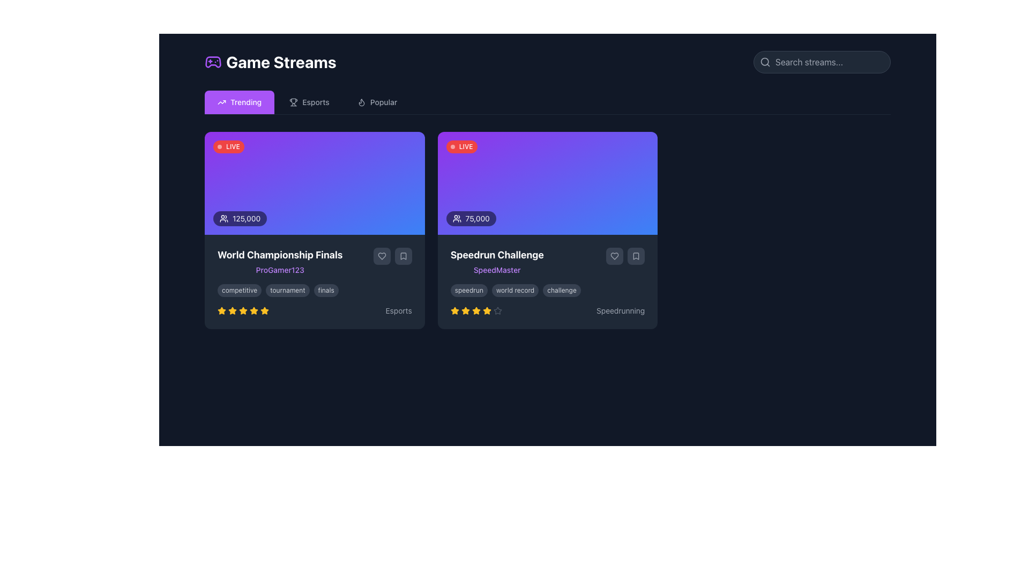 This screenshot has height=579, width=1029. Describe the element at coordinates (486, 310) in the screenshot. I see `the second star rating icon located in the lower section of the card to give a rating` at that location.